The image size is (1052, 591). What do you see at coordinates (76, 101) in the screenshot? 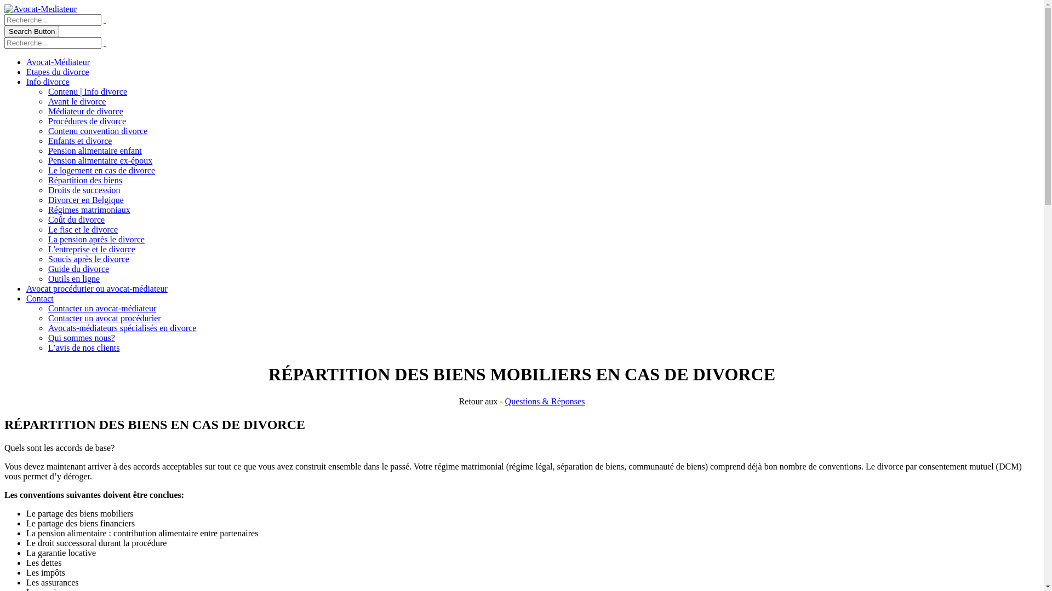
I see `'Avant le divorce'` at bounding box center [76, 101].